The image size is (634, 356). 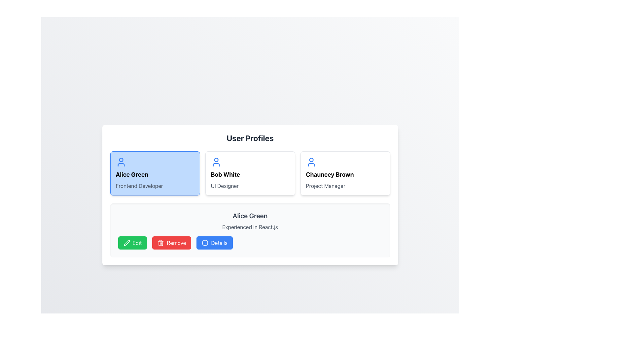 I want to click on the pen icon located within the green 'Edit' button at the bottom section of the interface to trigger a visual effect, so click(x=126, y=243).